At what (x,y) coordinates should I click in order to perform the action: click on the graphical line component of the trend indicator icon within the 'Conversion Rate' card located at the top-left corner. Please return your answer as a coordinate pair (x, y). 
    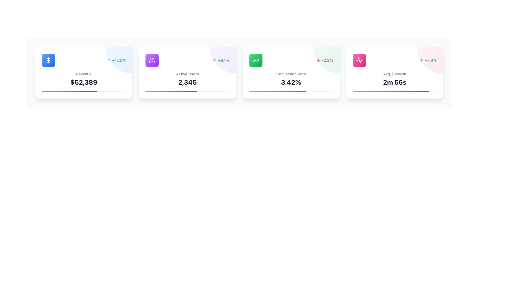
    Looking at the image, I should click on (255, 60).